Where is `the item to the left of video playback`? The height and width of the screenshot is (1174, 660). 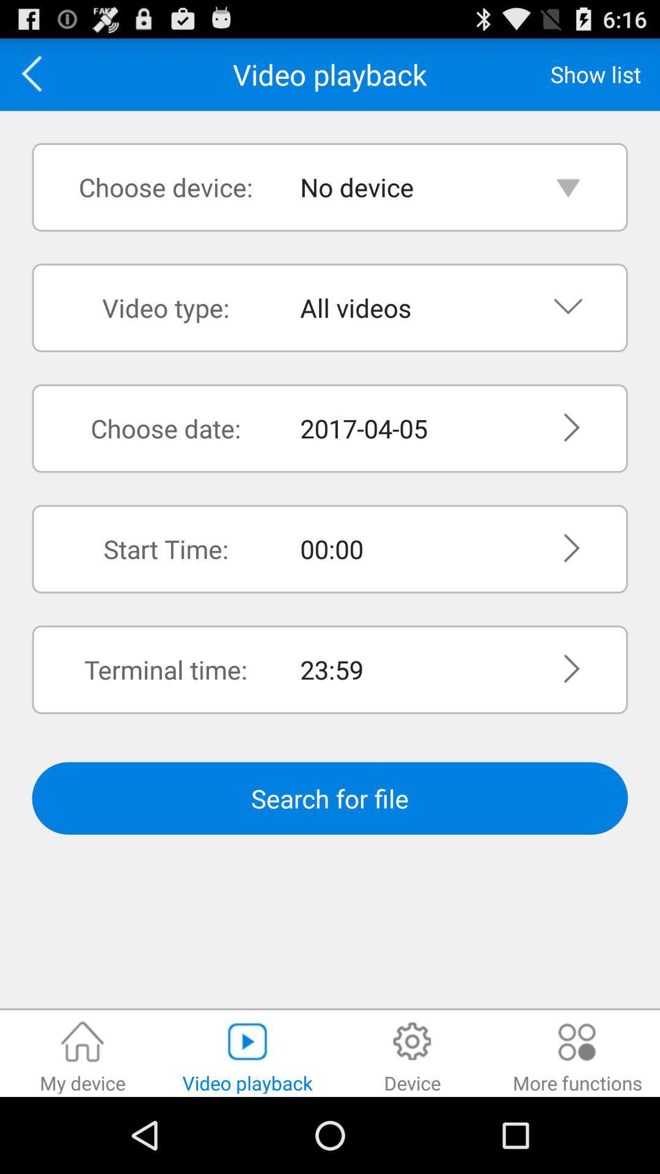 the item to the left of video playback is located at coordinates (35, 74).